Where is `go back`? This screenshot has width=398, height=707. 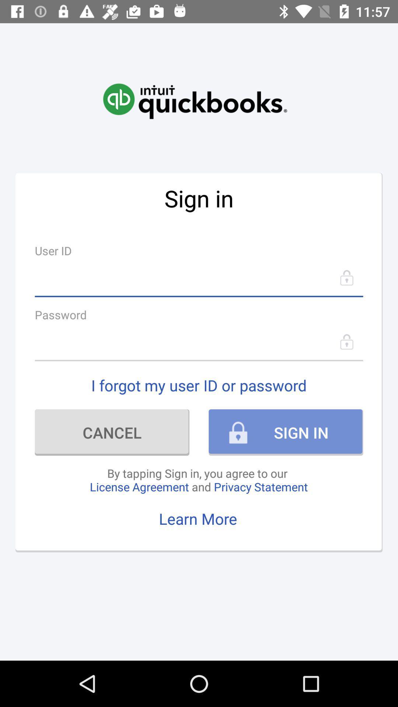 go back is located at coordinates (199, 341).